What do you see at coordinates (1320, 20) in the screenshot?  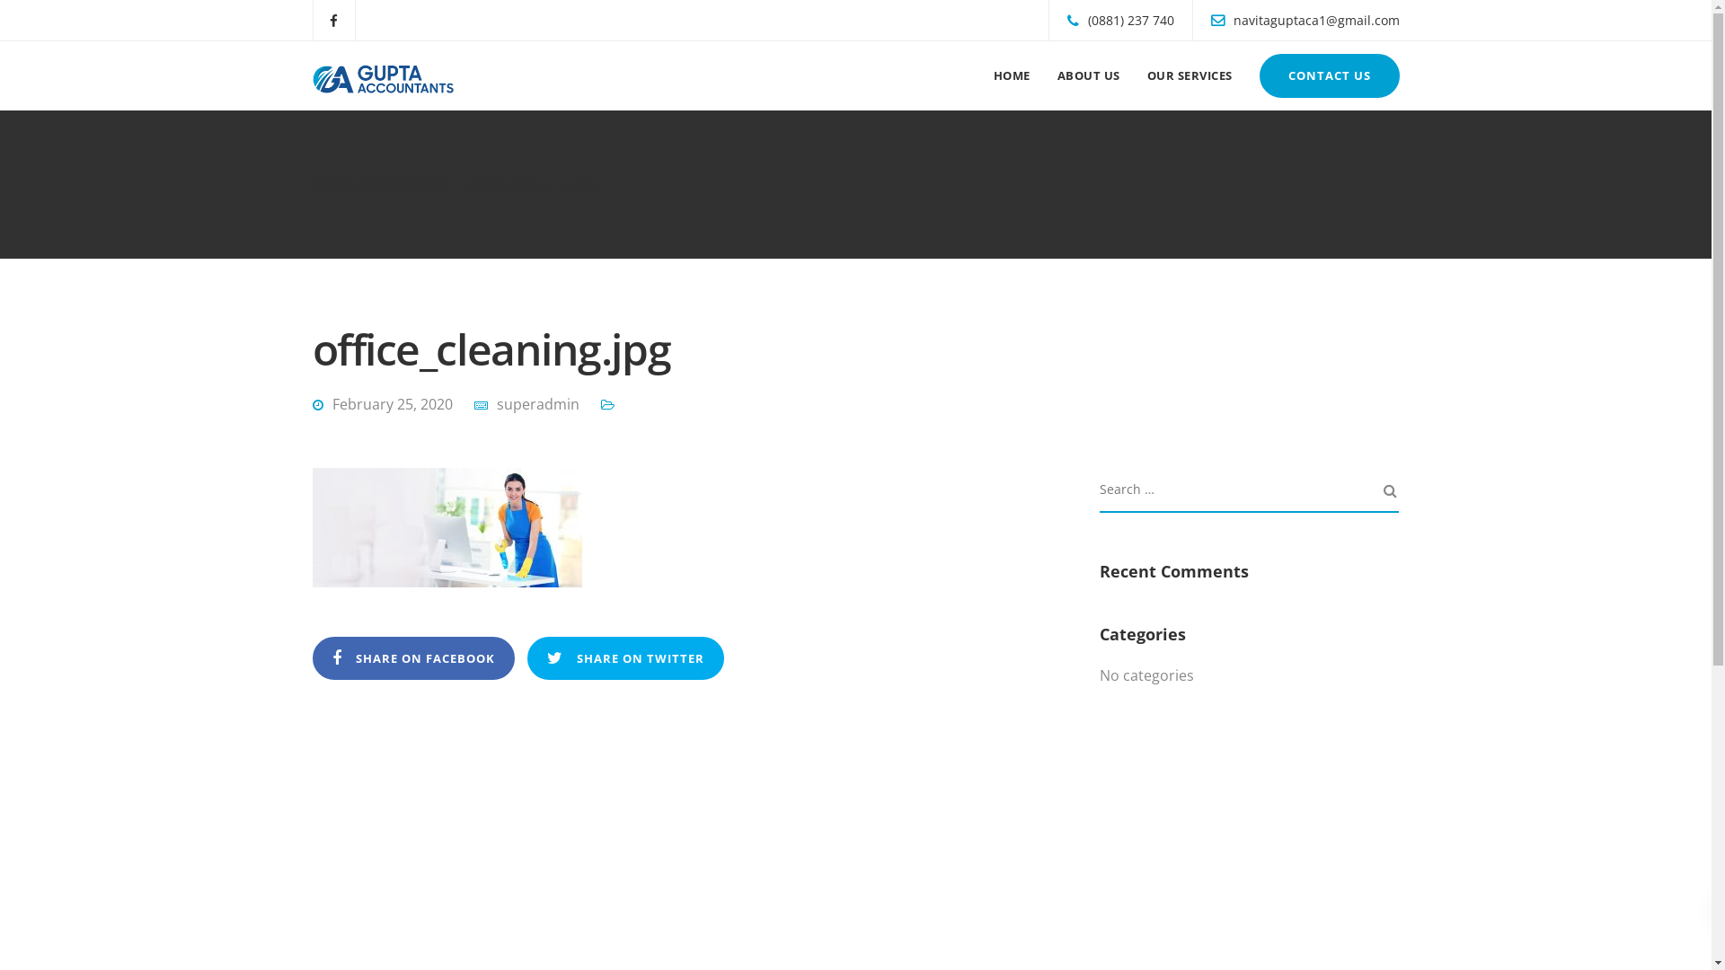 I see `'navitaguptaca1@gmail.com'` at bounding box center [1320, 20].